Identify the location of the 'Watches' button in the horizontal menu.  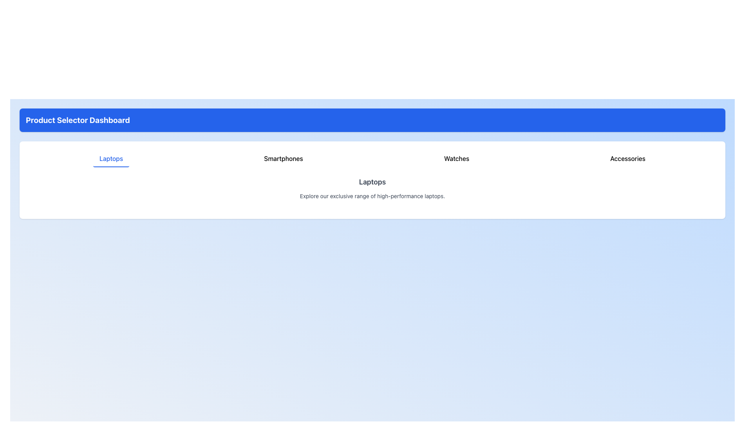
(457, 159).